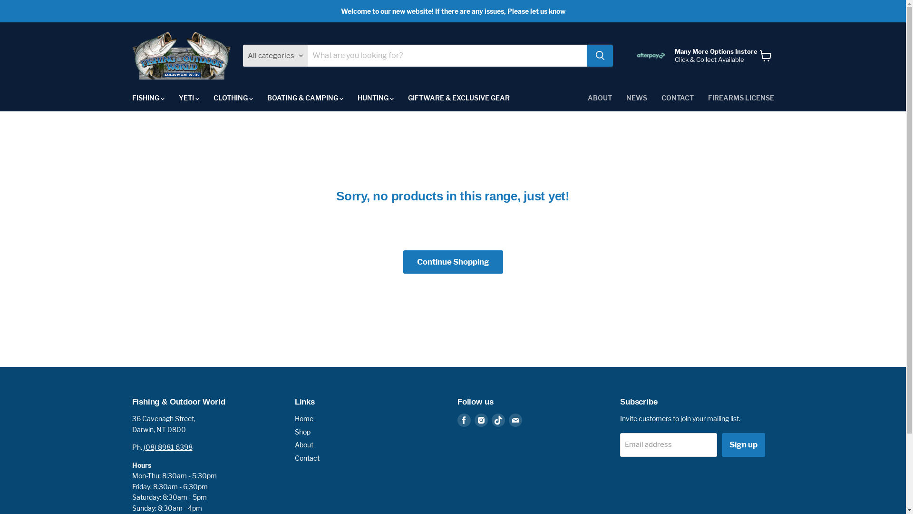 The height and width of the screenshot is (514, 913). What do you see at coordinates (654, 98) in the screenshot?
I see `'CONTACT'` at bounding box center [654, 98].